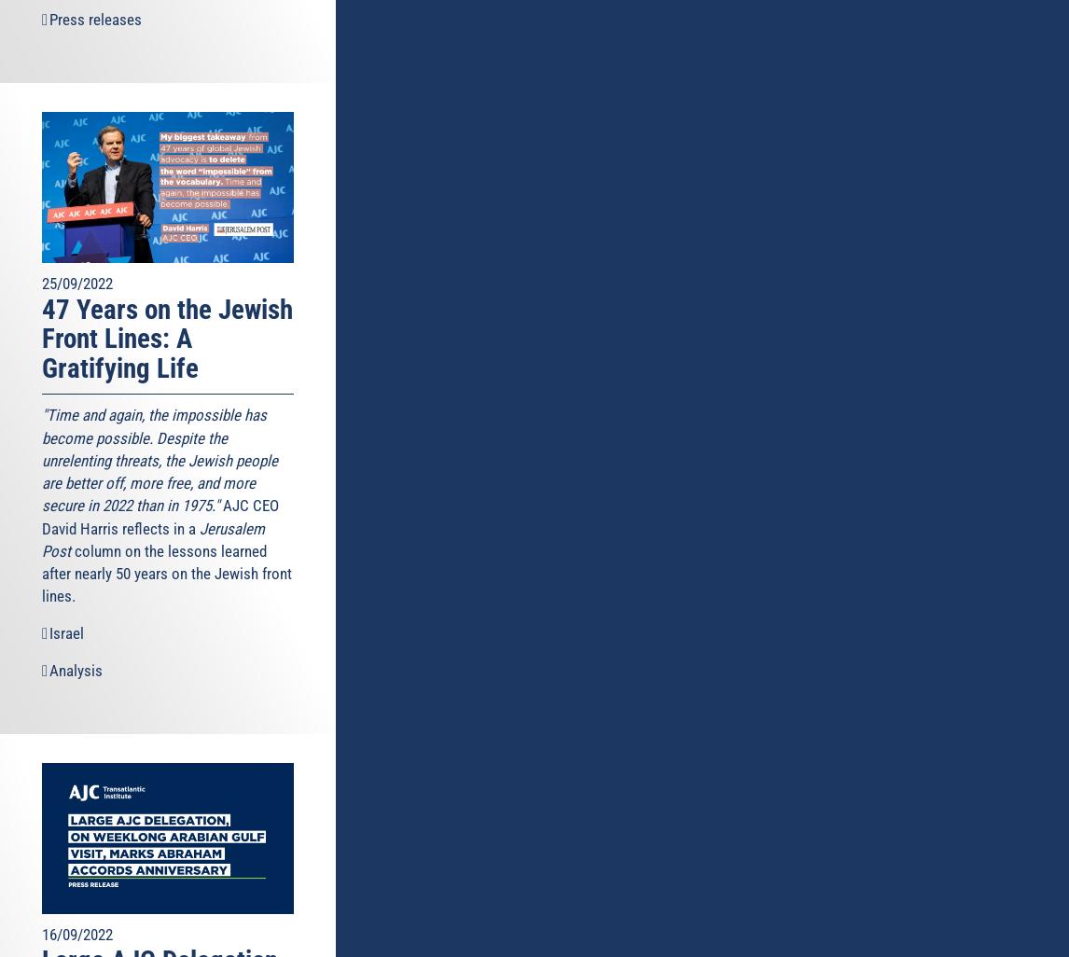 The image size is (1069, 957). What do you see at coordinates (95, 19) in the screenshot?
I see `'Press releases'` at bounding box center [95, 19].